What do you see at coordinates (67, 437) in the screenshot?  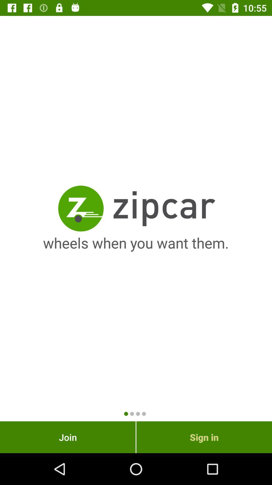 I see `the item next to sign in item` at bounding box center [67, 437].